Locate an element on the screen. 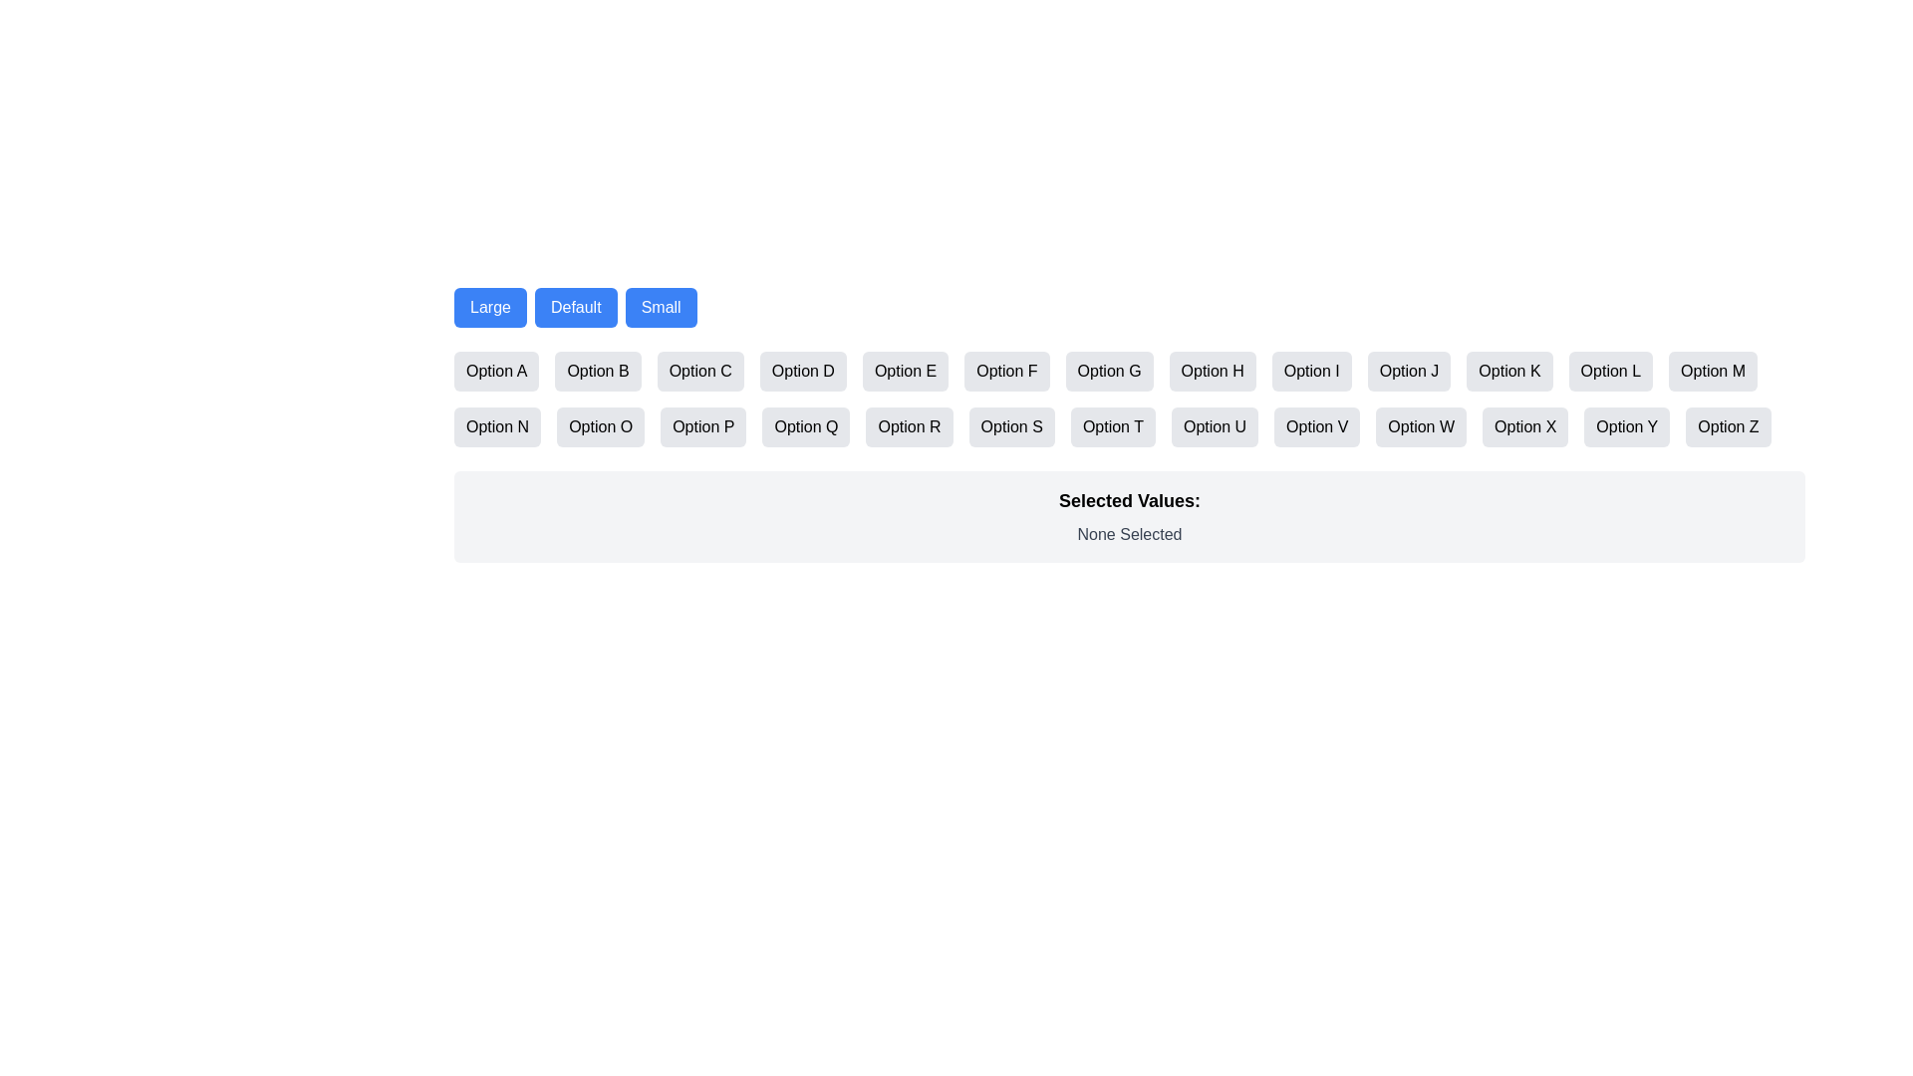 Image resolution: width=1913 pixels, height=1076 pixels. the button labeled 'Option Q', which is a rectangular button with rounded corners, light gray background, and black text, located in the second row of the grid and the fourth button from the left is located at coordinates (806, 425).